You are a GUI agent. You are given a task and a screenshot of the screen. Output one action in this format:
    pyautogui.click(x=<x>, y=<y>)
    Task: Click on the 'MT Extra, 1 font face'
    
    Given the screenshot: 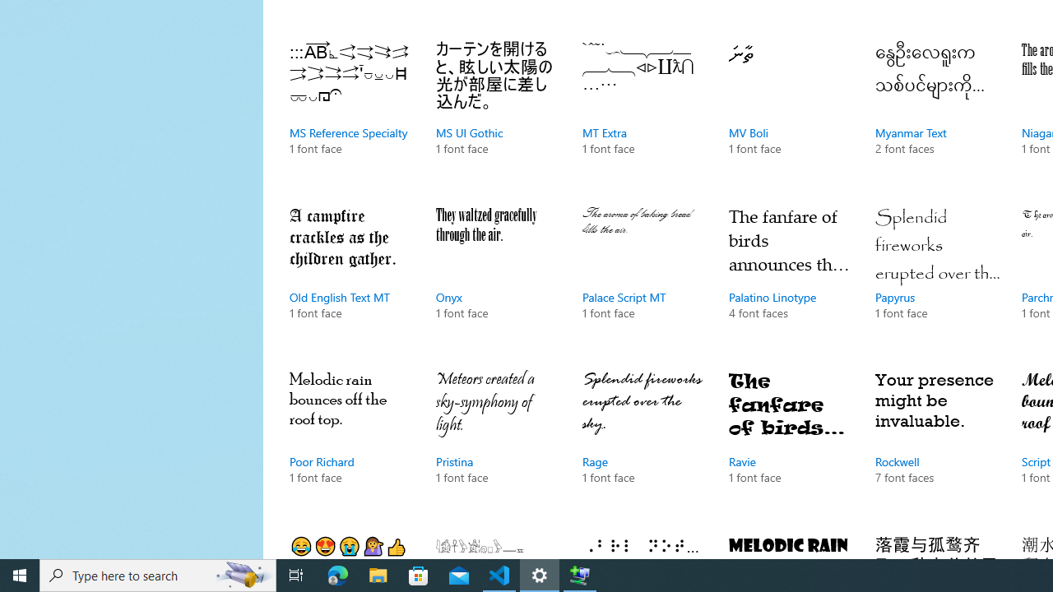 What is the action you would take?
    pyautogui.click(x=643, y=114)
    